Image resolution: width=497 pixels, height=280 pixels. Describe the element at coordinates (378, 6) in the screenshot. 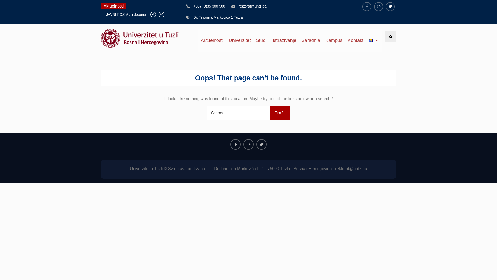

I see `'Instagram'` at that location.